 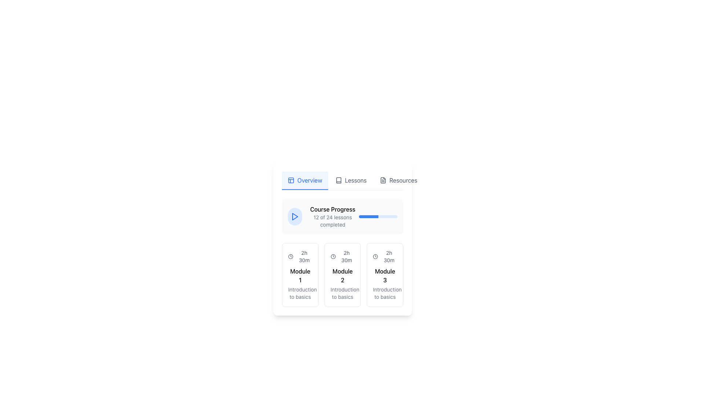 I want to click on the Text Label that displays the estimated duration of Module 1, located under the 'Module 1' section and adjacent to the clock icon, so click(x=304, y=256).